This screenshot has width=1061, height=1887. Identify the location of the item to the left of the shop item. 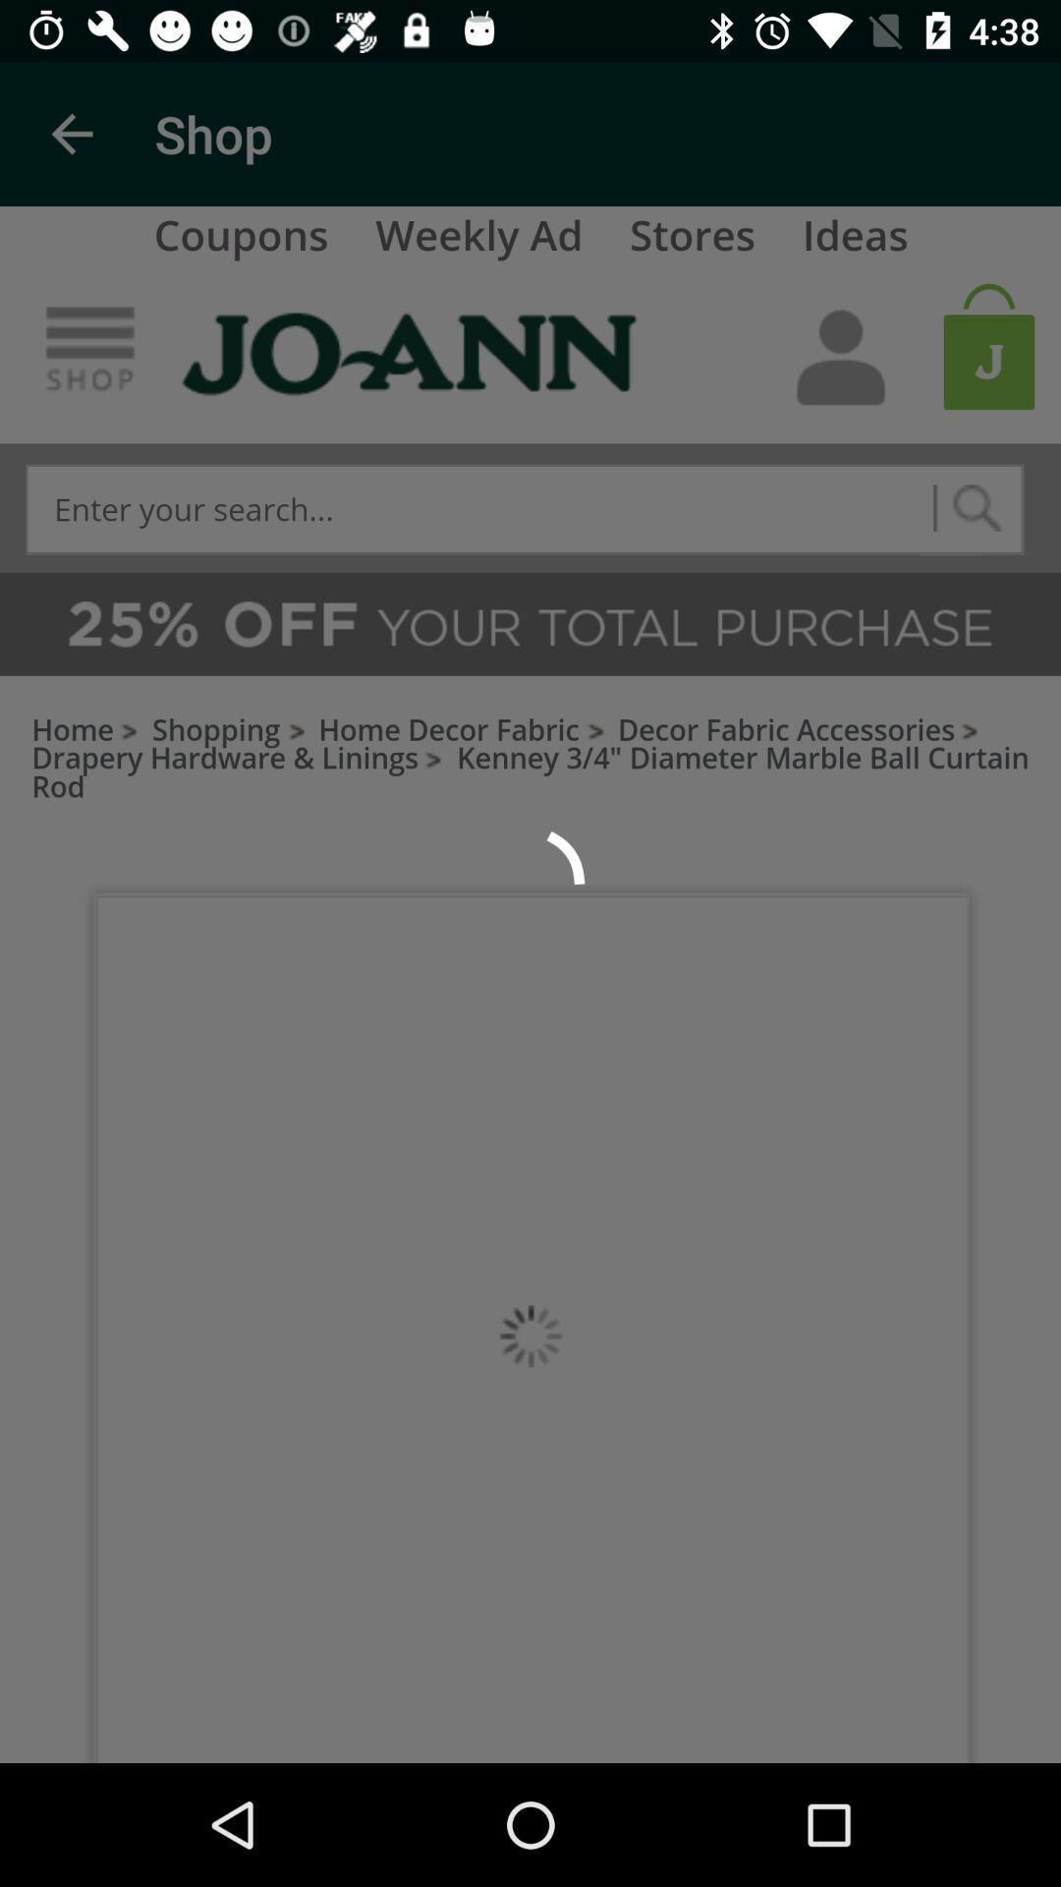
(71, 133).